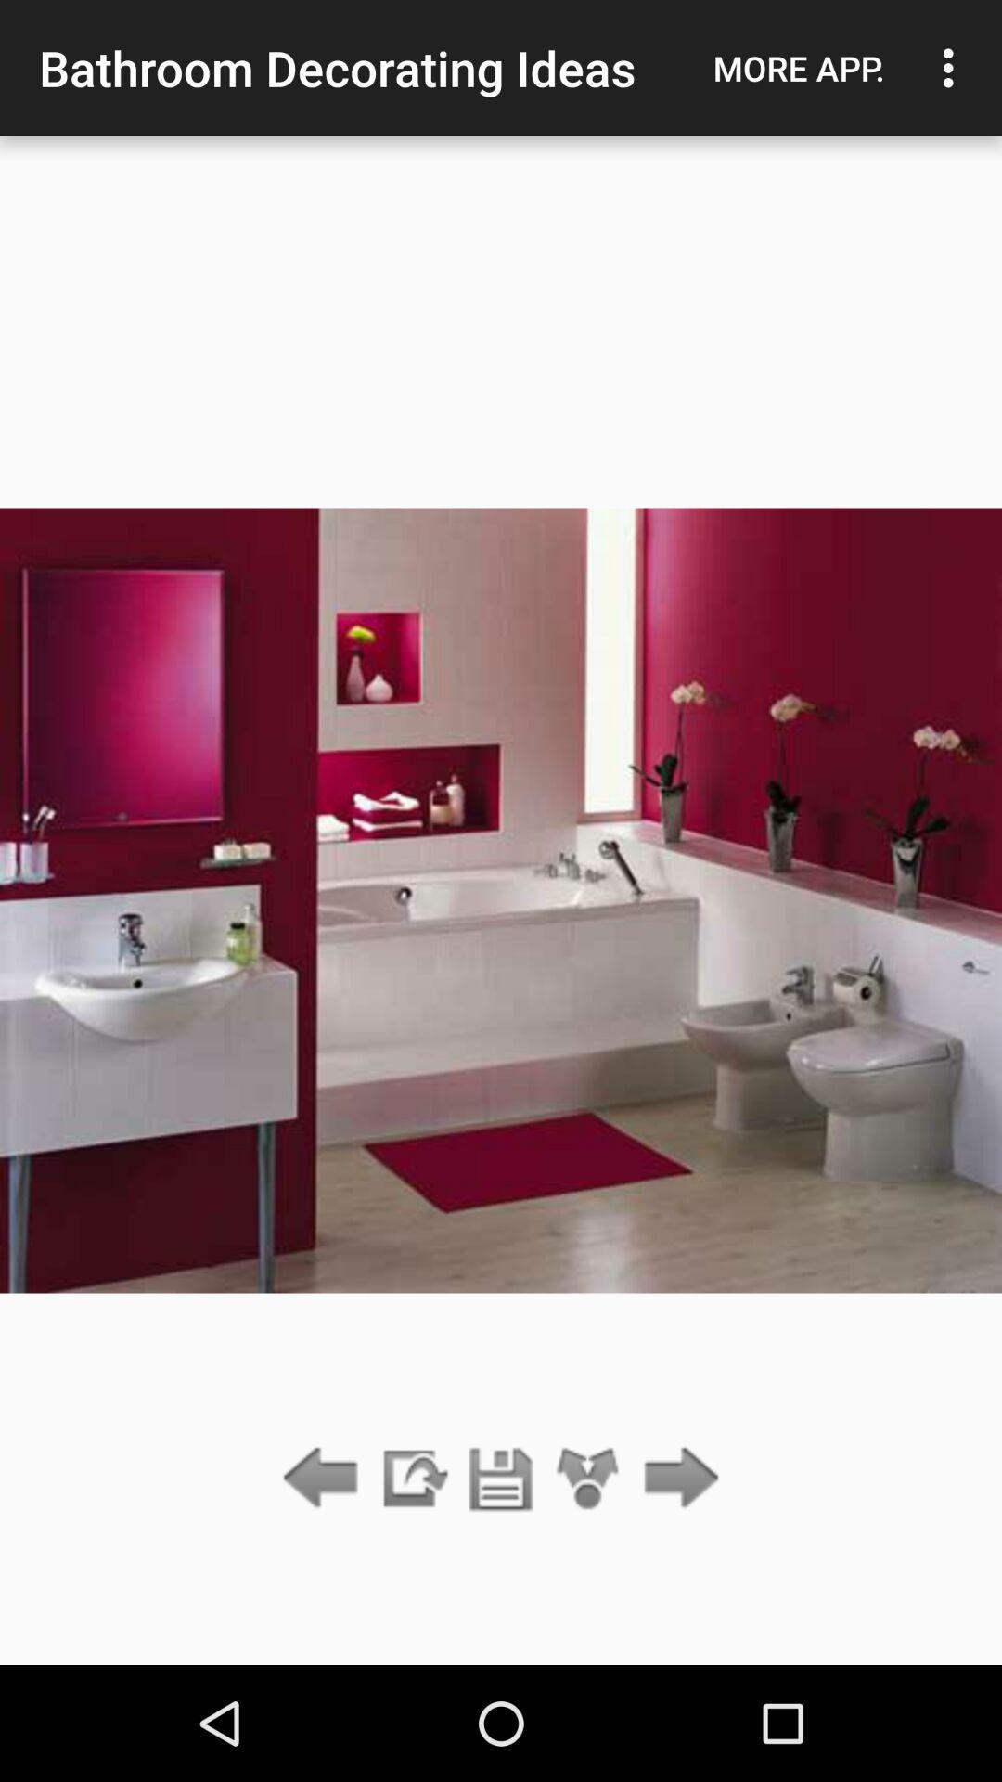  Describe the element at coordinates (501, 1479) in the screenshot. I see `the save icon` at that location.